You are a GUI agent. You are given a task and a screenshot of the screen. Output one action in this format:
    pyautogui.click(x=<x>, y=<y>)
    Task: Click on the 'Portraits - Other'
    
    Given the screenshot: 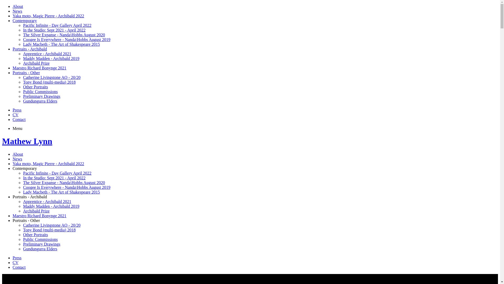 What is the action you would take?
    pyautogui.click(x=26, y=73)
    